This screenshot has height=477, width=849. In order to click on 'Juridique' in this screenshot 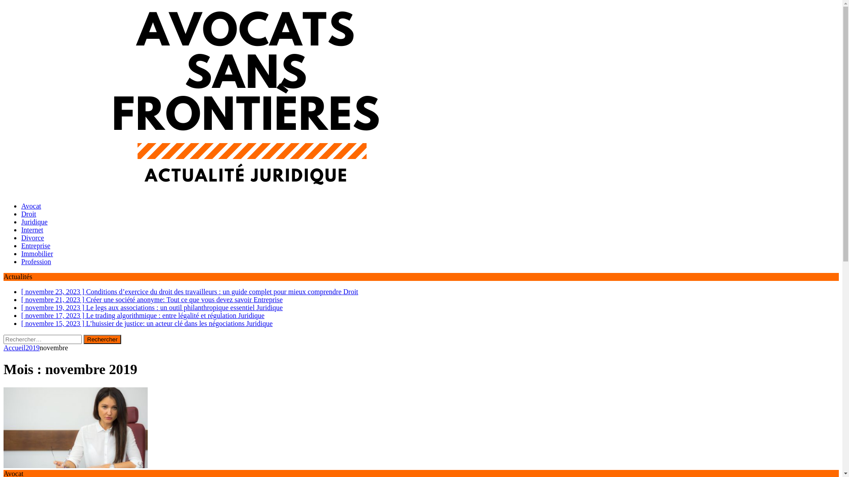, I will do `click(34, 221)`.